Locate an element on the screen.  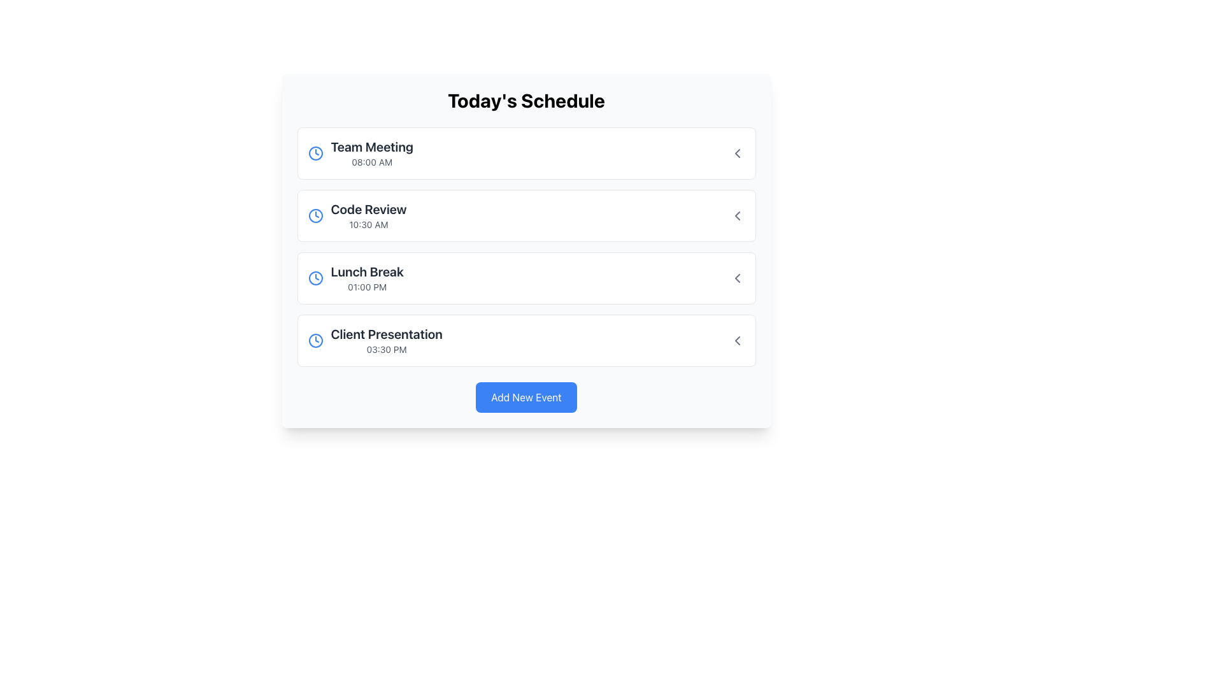
the third schedule entry in the list, positioned between the 'Code Review' and 'Client Presentation' events is located at coordinates (526, 277).